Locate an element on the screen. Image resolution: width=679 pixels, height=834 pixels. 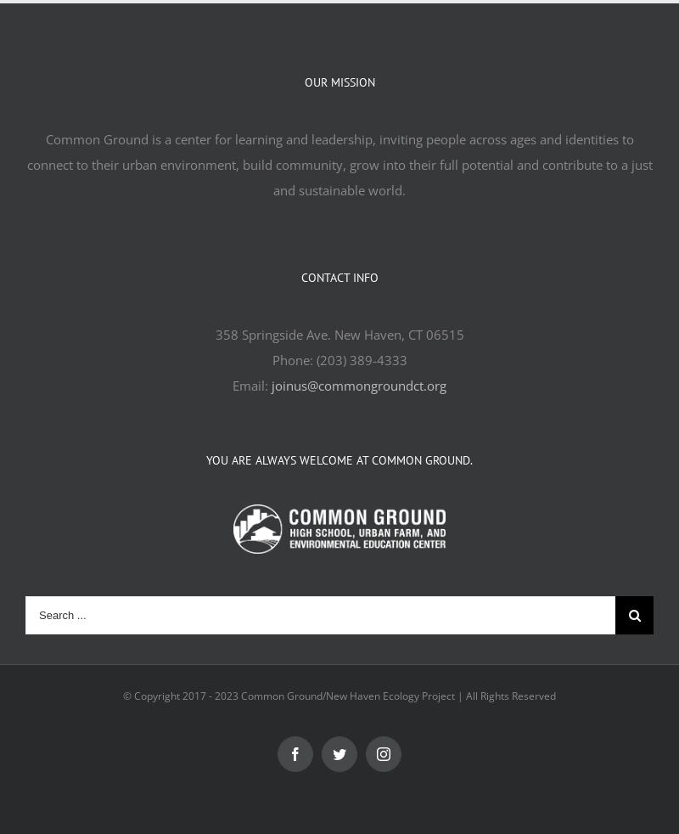
'© Copyright 2017 -' is located at coordinates (122, 695).